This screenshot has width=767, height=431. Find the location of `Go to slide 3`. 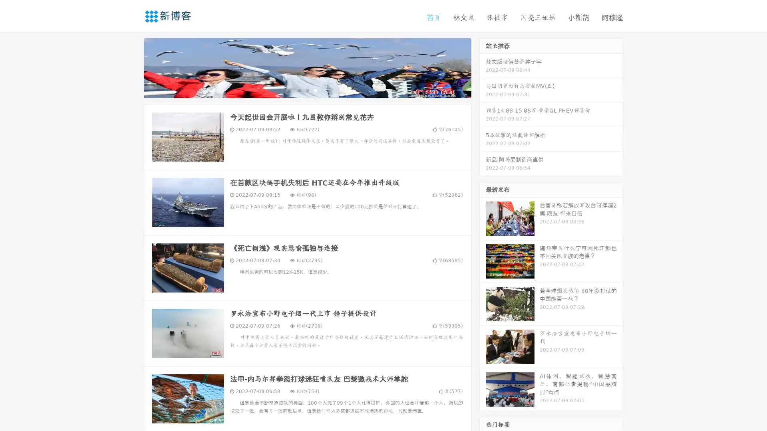

Go to slide 3 is located at coordinates (315, 90).